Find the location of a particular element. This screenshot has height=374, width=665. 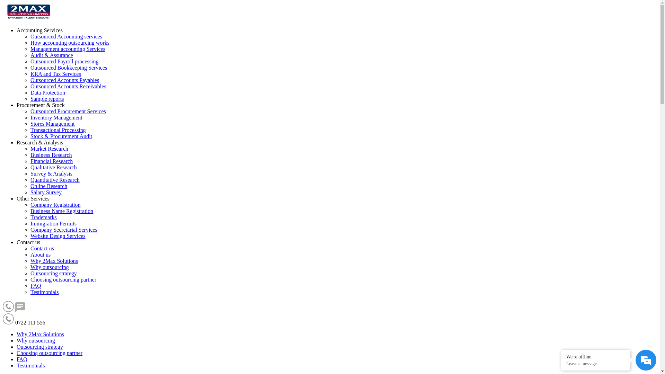

'Outsourced Payroll processing' is located at coordinates (64, 61).